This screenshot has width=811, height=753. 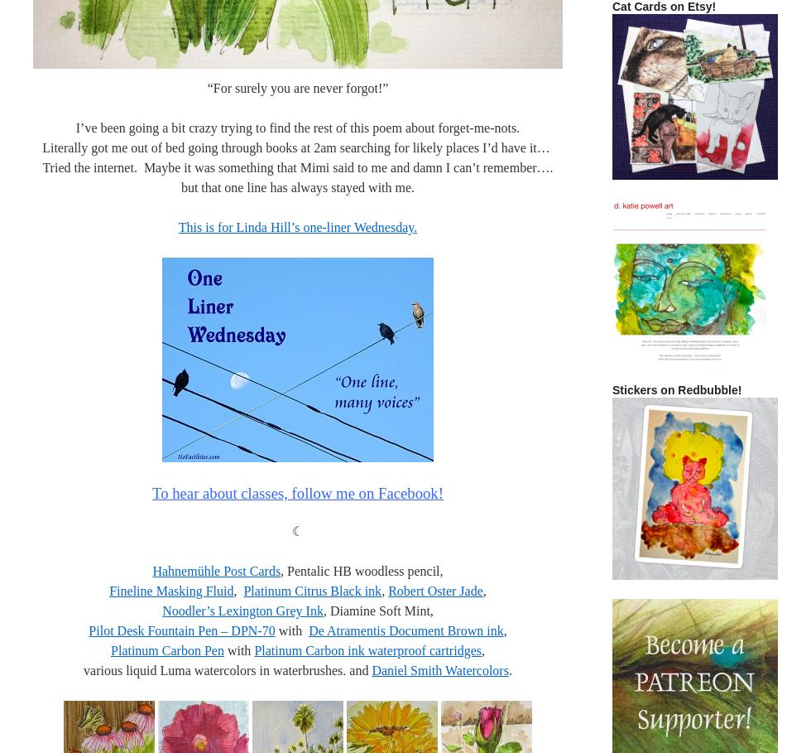 I want to click on 'Noodler’s Lexington Grey Ink', so click(x=242, y=611).